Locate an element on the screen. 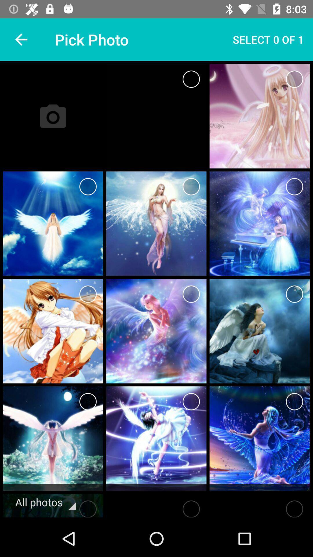  the picture is located at coordinates (294, 79).